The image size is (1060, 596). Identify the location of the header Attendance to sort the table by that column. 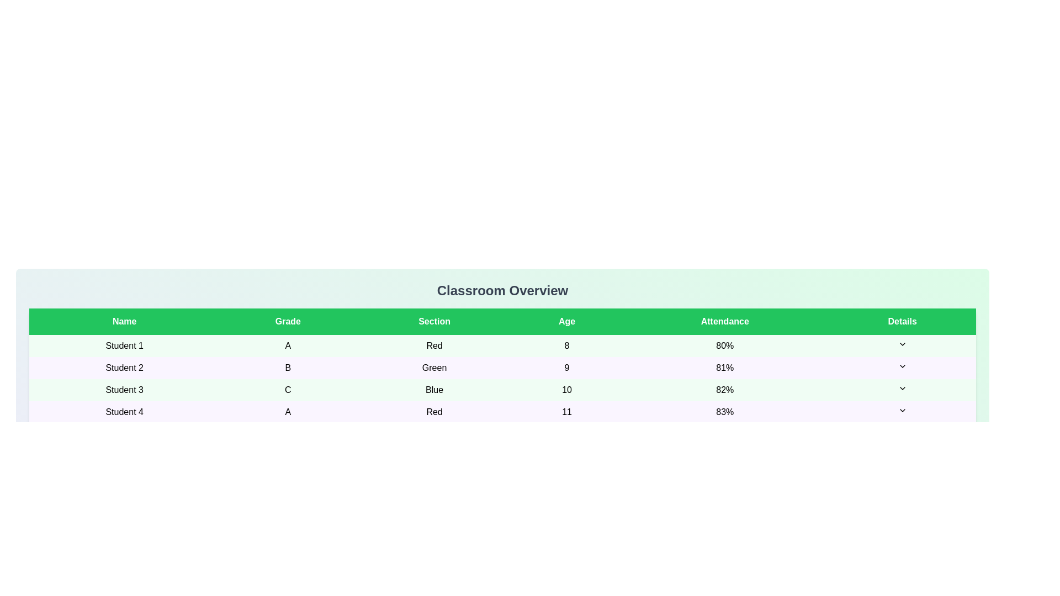
(725, 321).